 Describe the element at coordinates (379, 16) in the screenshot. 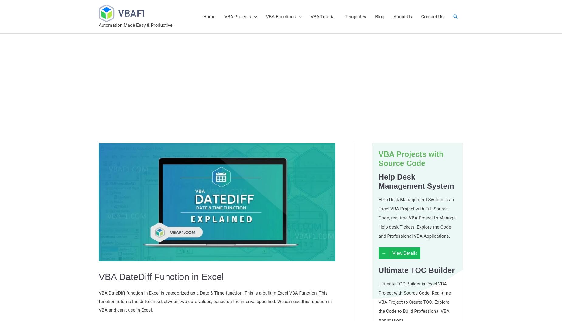

I see `'Blog'` at that location.